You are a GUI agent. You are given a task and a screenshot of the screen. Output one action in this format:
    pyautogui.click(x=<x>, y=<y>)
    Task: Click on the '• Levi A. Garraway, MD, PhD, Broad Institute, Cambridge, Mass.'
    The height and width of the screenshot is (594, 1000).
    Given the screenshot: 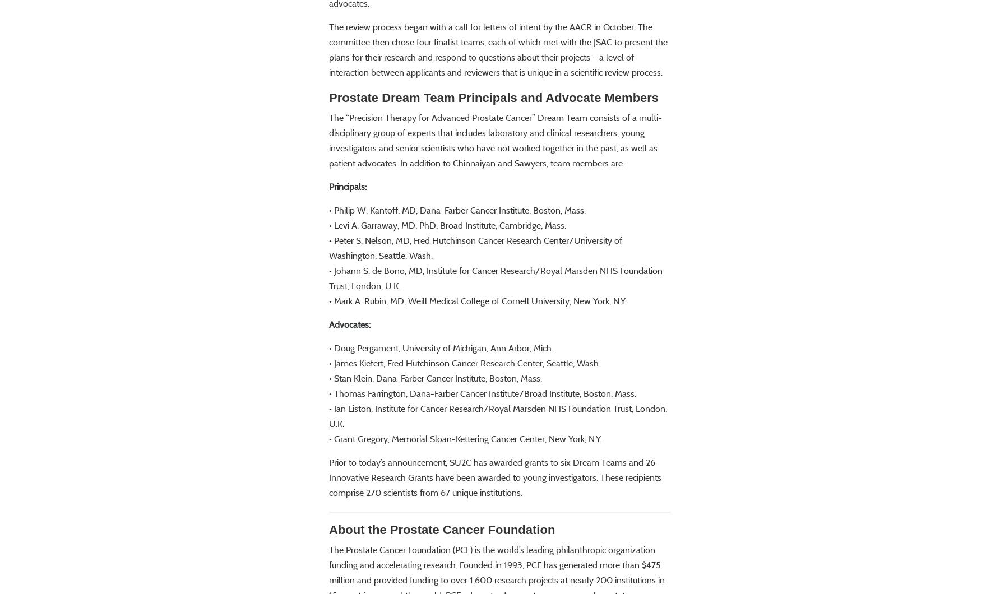 What is the action you would take?
    pyautogui.click(x=447, y=257)
    